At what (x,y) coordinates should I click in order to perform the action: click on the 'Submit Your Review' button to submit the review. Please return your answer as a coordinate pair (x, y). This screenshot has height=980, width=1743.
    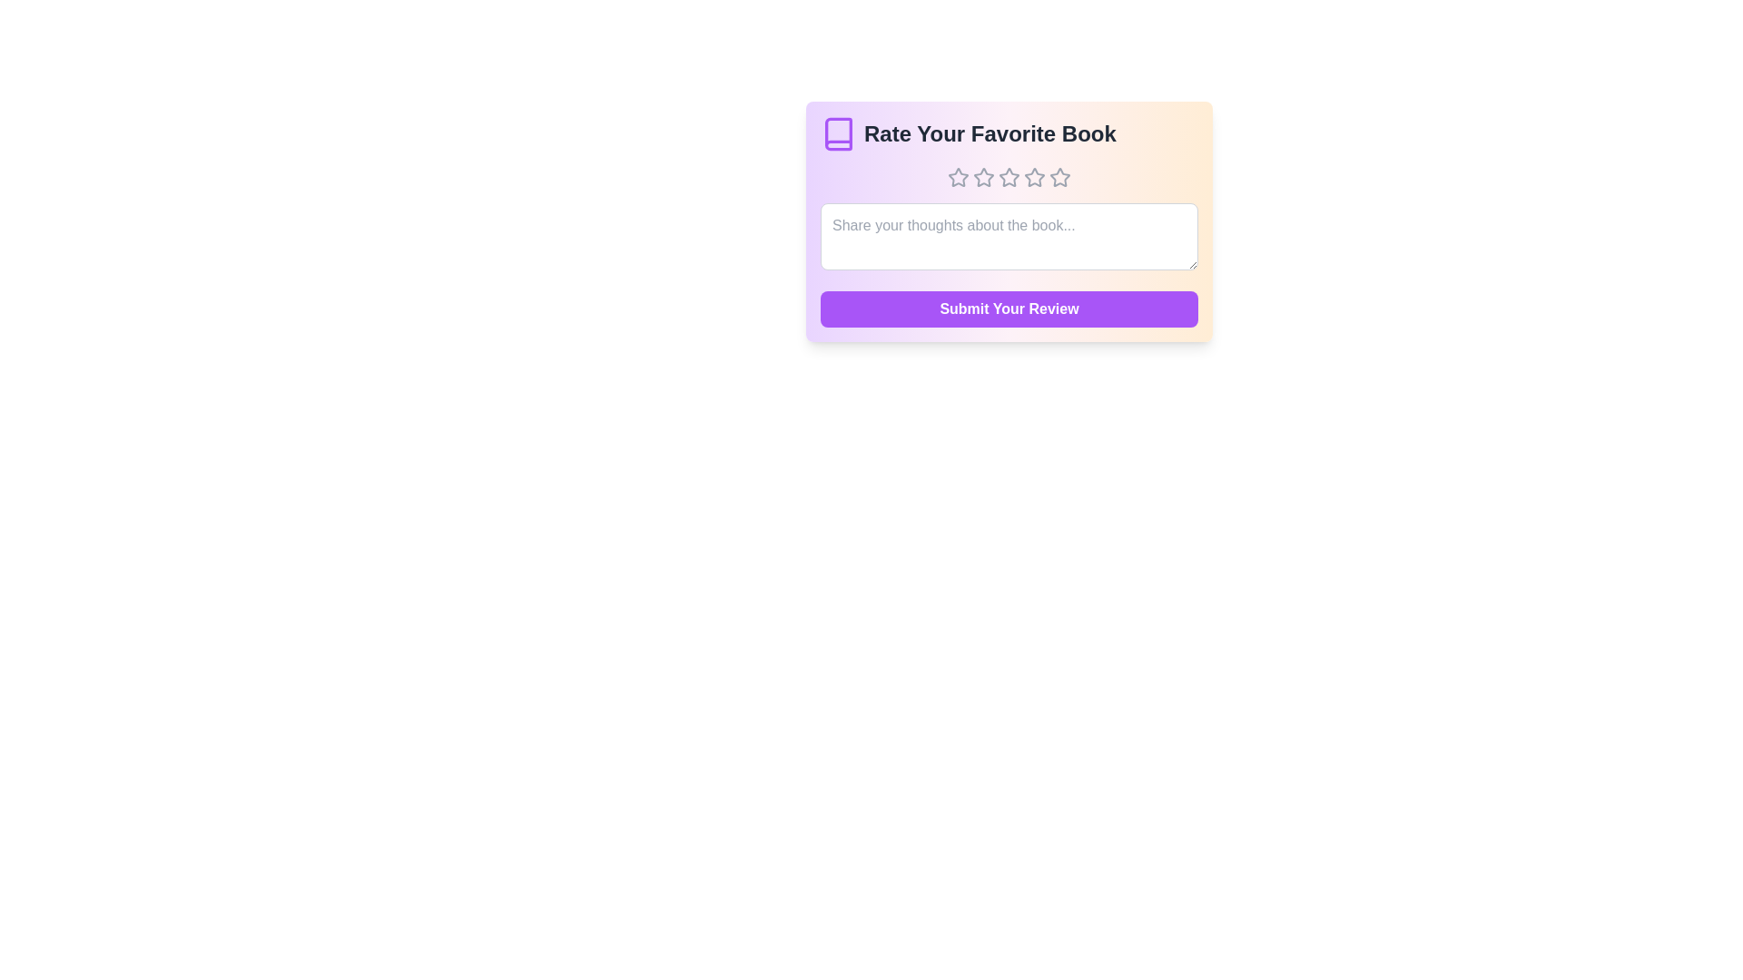
    Looking at the image, I should click on (1009, 308).